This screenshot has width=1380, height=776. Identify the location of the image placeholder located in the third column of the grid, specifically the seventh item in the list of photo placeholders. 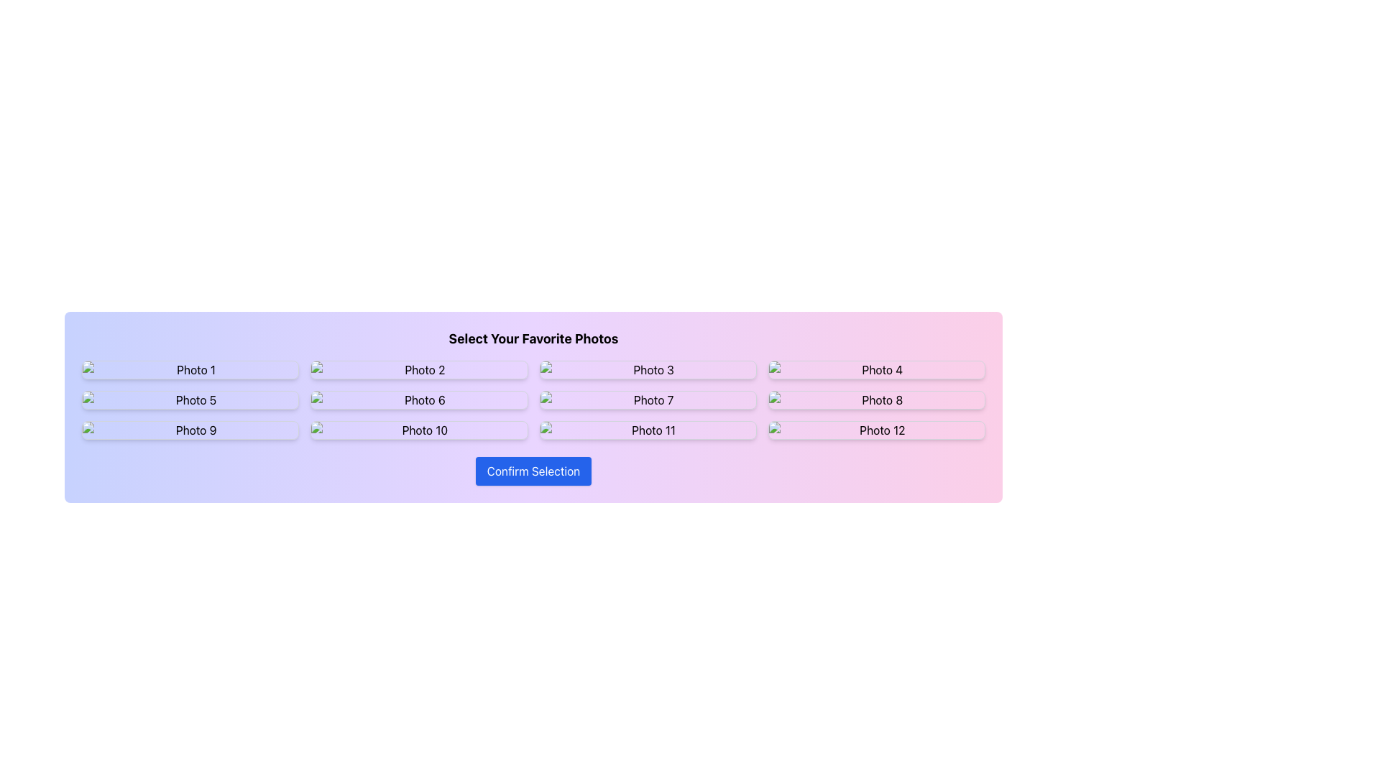
(647, 399).